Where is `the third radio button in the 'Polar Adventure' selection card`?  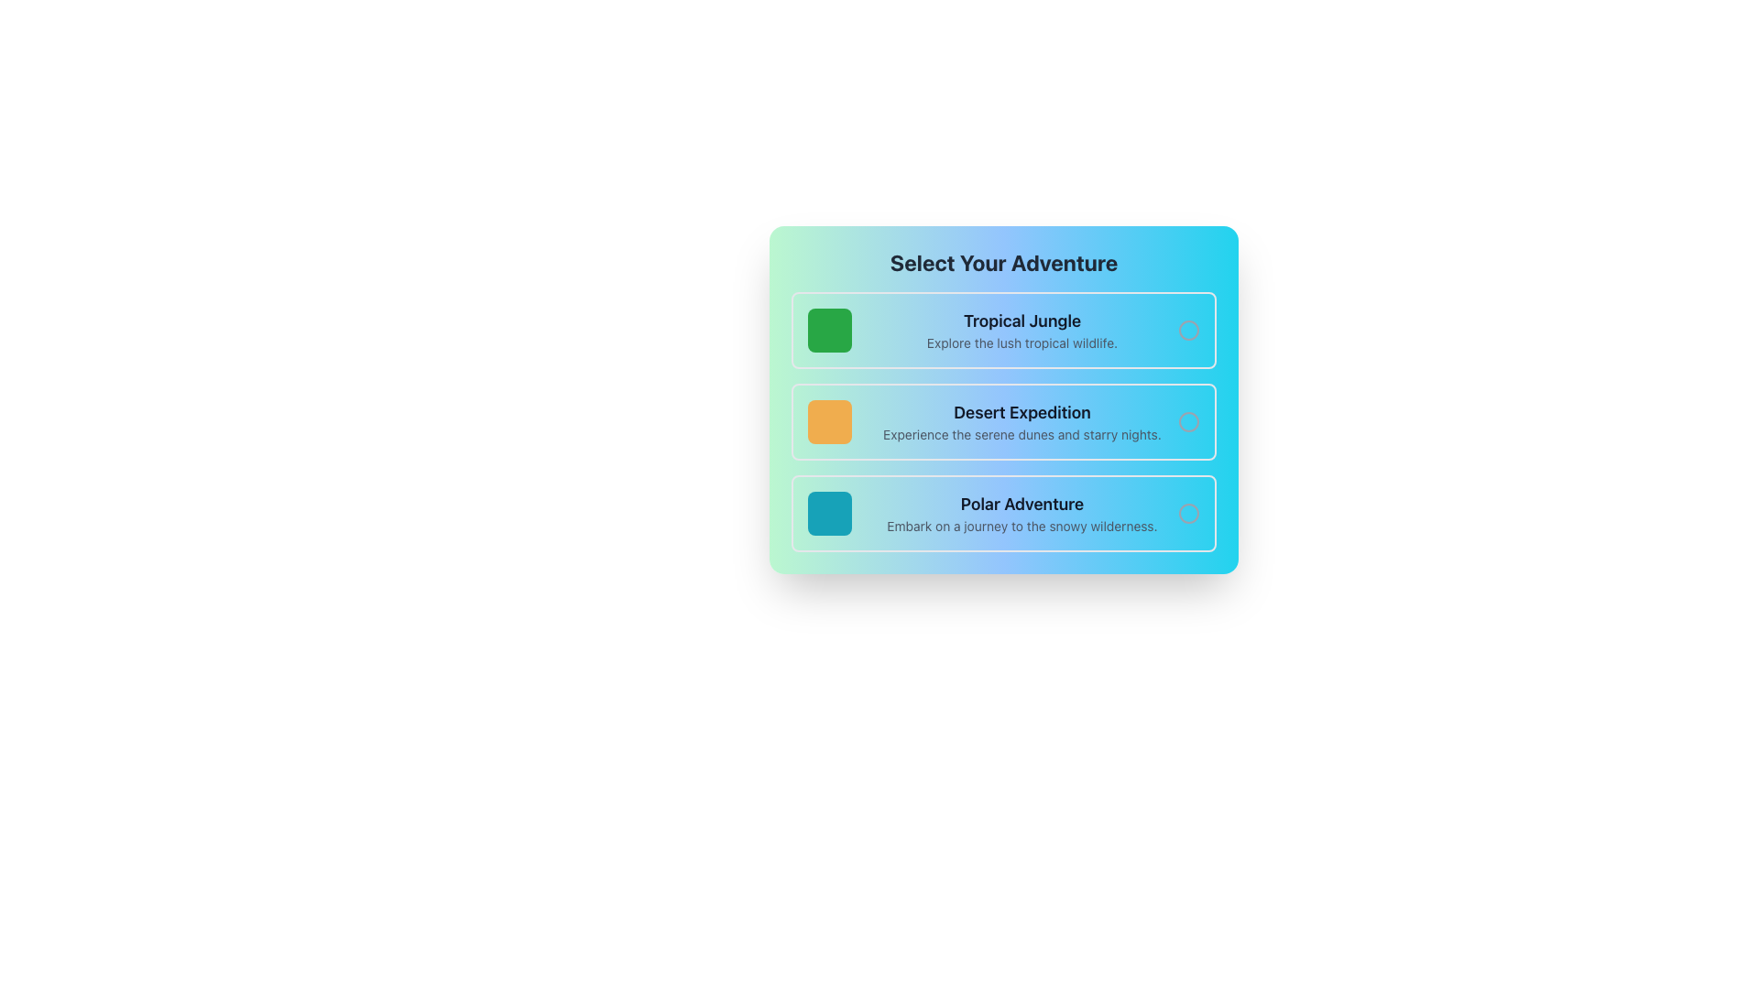 the third radio button in the 'Polar Adventure' selection card is located at coordinates (1188, 513).